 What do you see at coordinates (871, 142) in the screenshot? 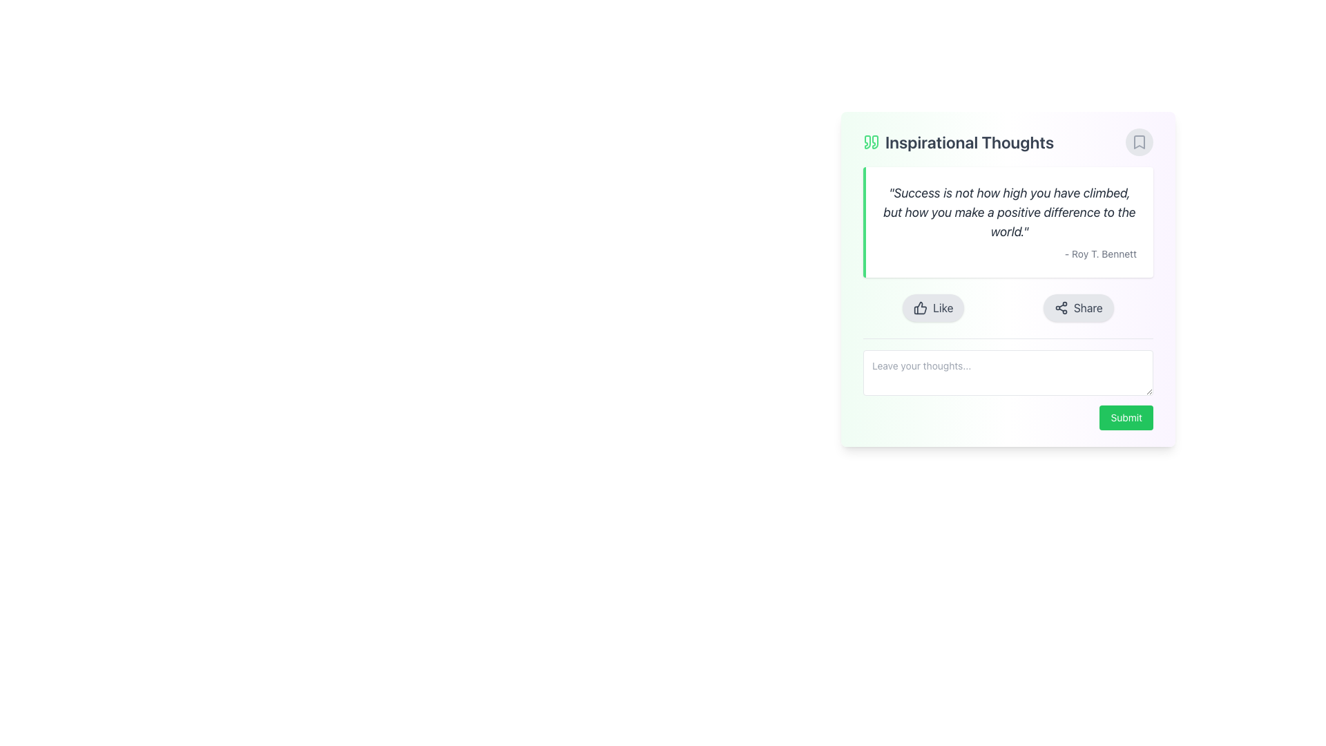
I see `the decorative icon located at the top-left section next to the 'Inspirational Thoughts' title text` at bounding box center [871, 142].